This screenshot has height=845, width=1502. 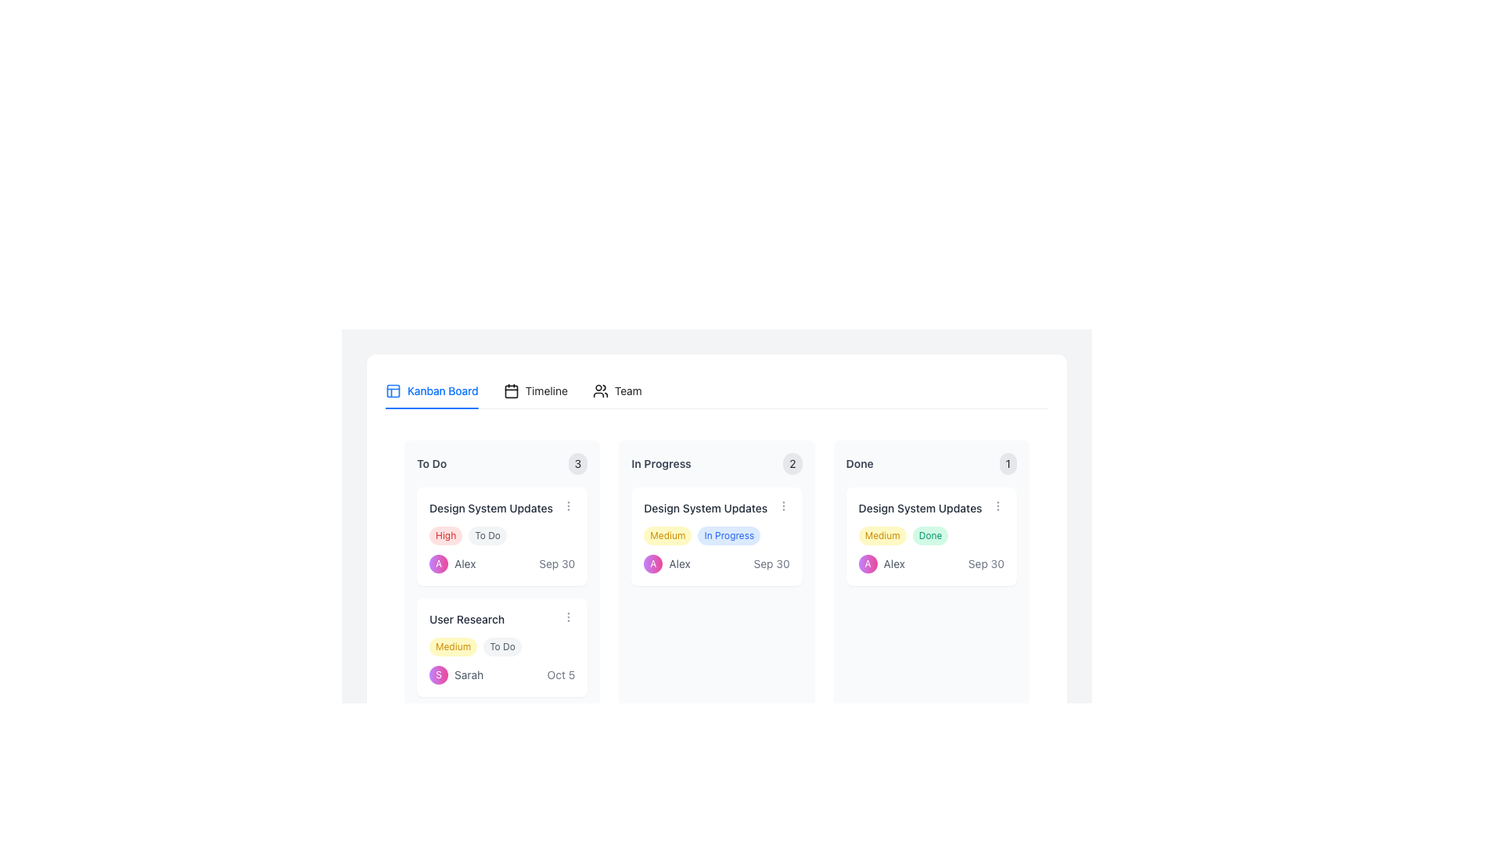 I want to click on the Tab Navigation Bar located at the top-center of the layout, so click(x=716, y=390).